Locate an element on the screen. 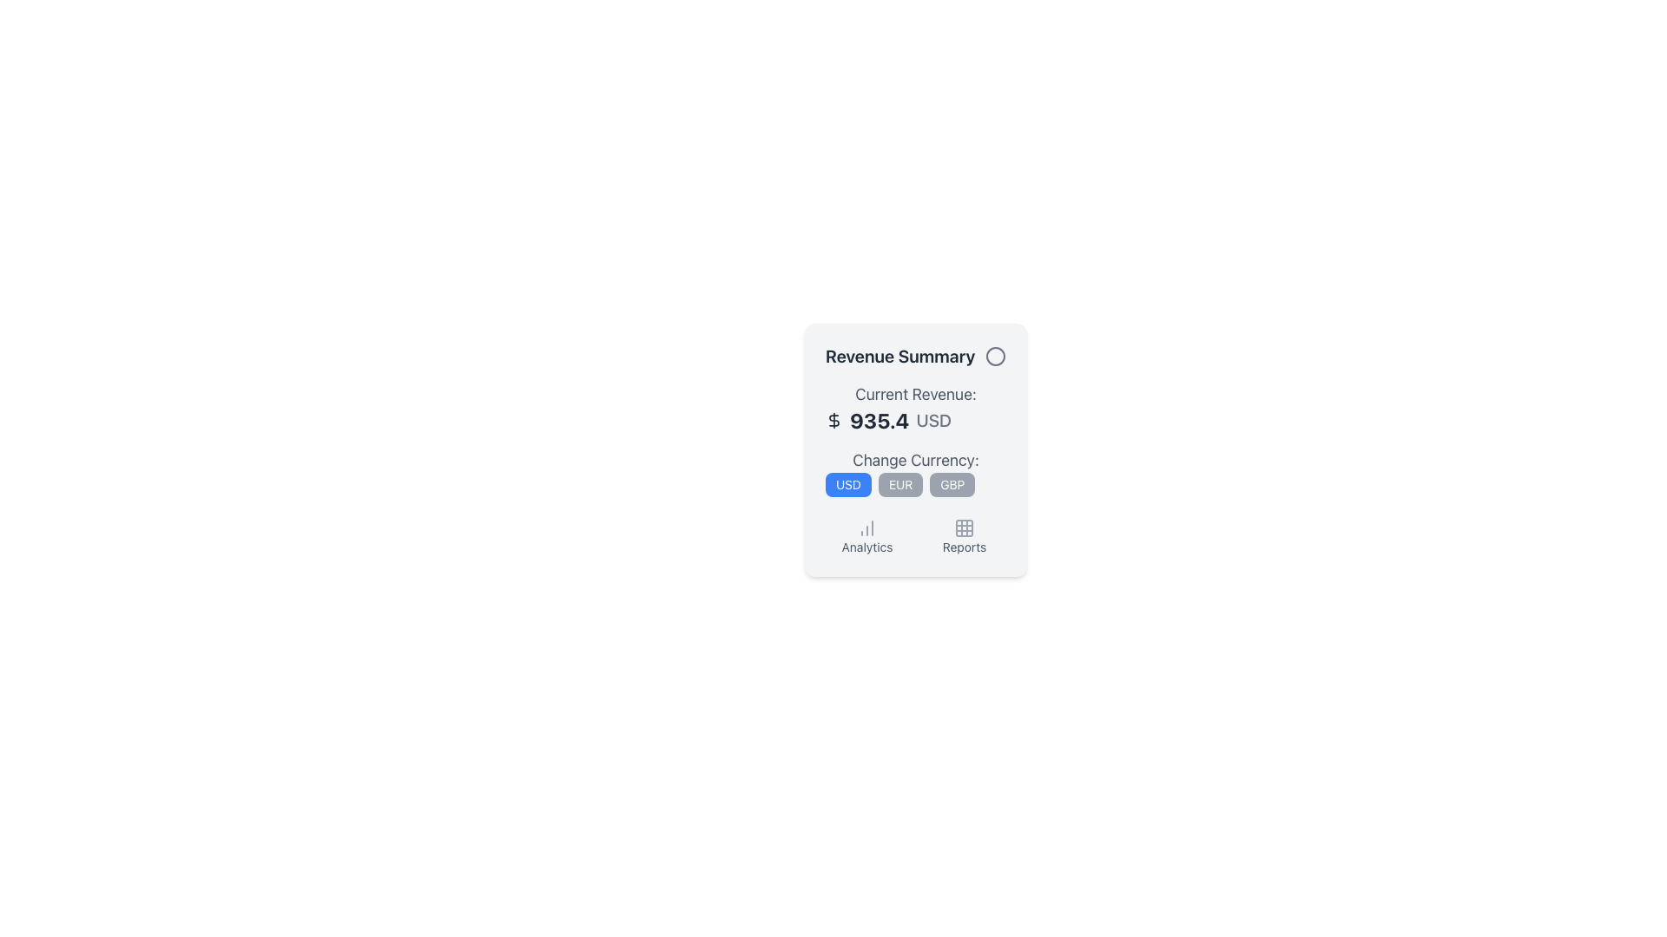 The height and width of the screenshot is (937, 1667). the Button Group labeled 'Change Currency:' which contains the buttons 'USD', 'EUR', and 'GBP' for tooltips or information is located at coordinates (915, 472).